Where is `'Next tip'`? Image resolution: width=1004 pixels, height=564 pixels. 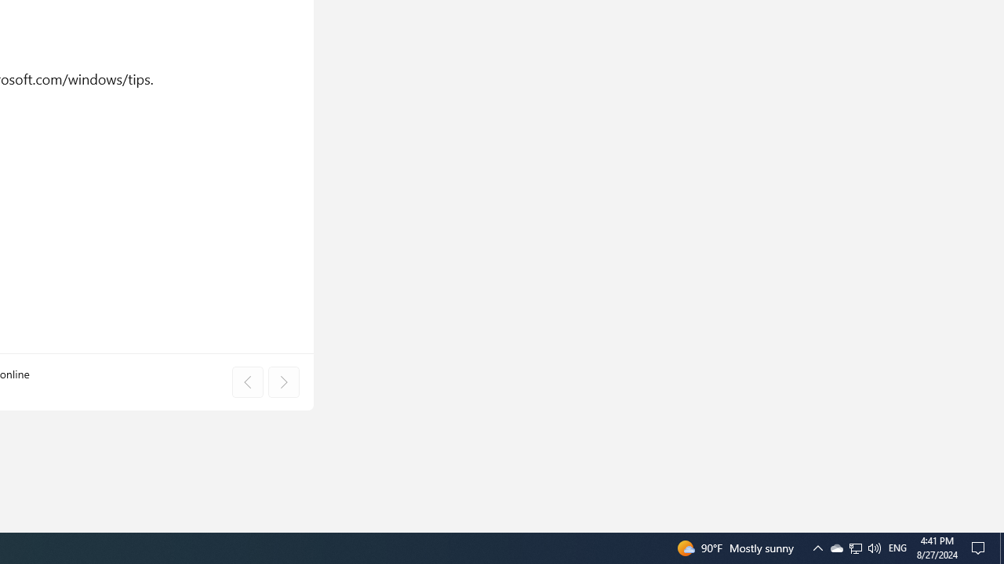 'Next tip' is located at coordinates (283, 382).